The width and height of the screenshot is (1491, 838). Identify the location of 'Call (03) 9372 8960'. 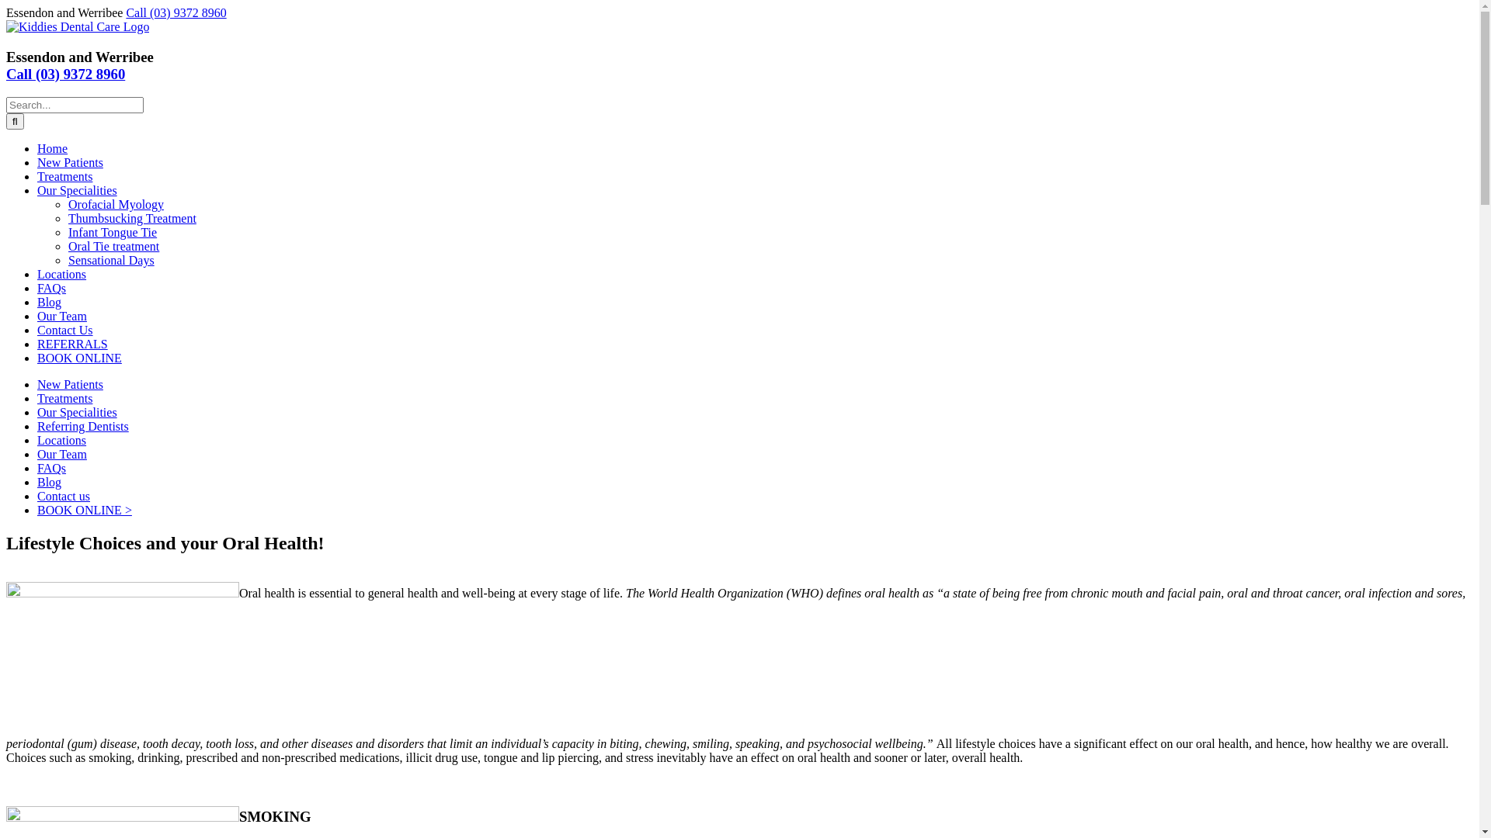
(64, 74).